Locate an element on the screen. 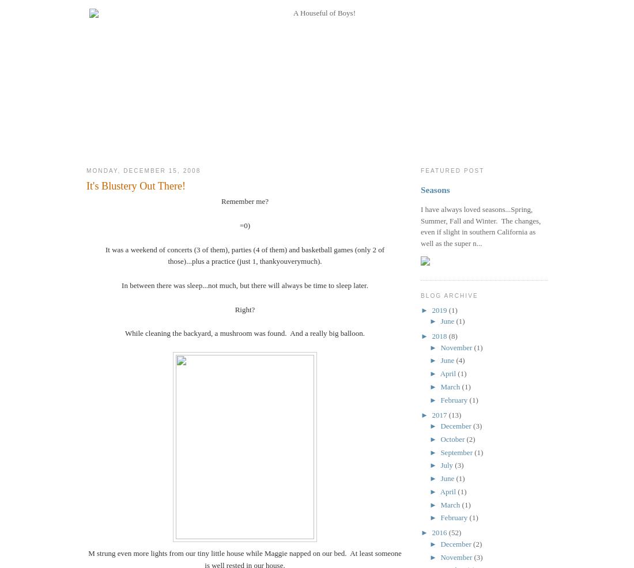  '(8)' is located at coordinates (448, 336).